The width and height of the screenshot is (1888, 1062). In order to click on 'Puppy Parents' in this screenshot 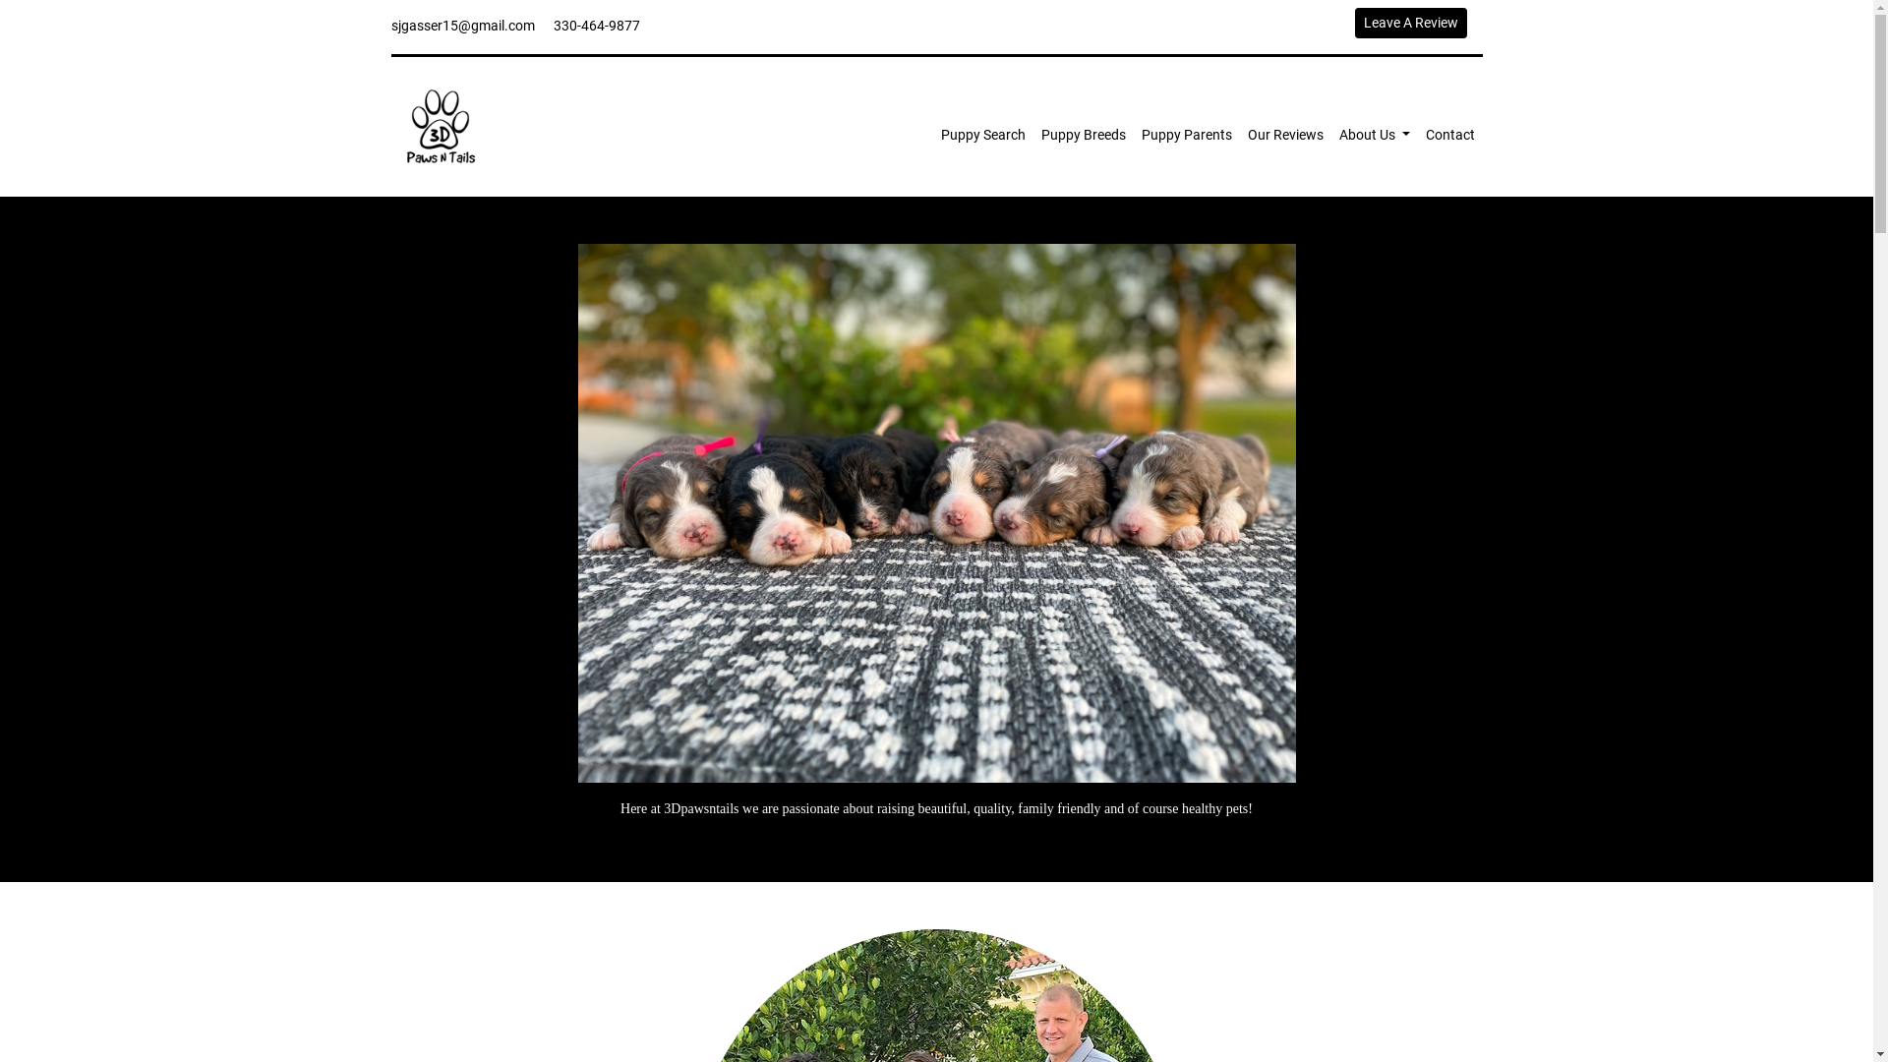, I will do `click(1133, 133)`.